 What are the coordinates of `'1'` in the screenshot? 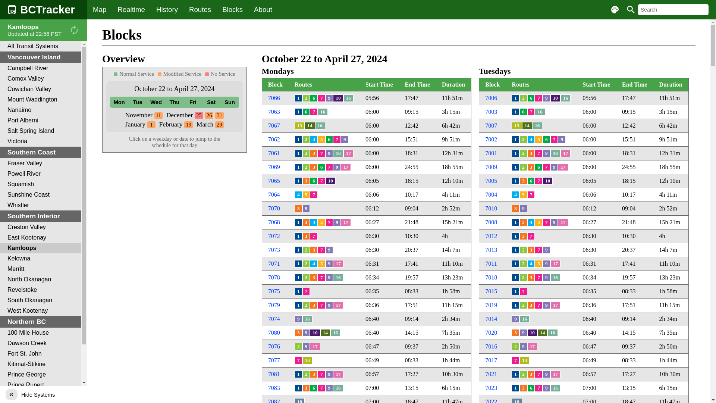 It's located at (515, 291).